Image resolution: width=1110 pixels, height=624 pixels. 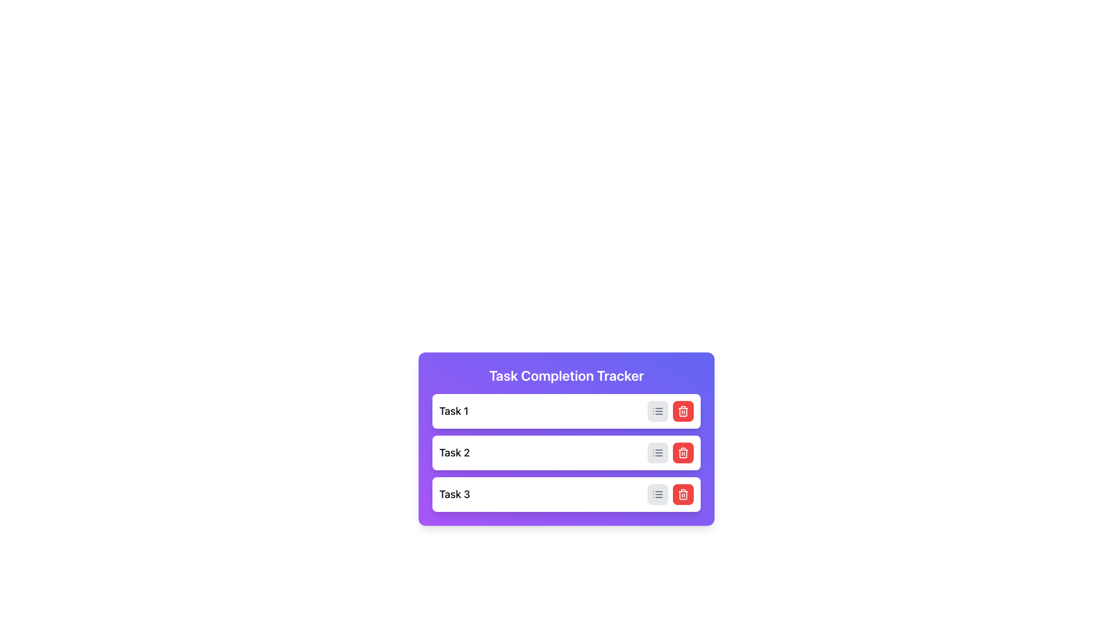 What do you see at coordinates (566, 452) in the screenshot?
I see `the second task item labeled 'Task 2' in the Task Completion Tracker` at bounding box center [566, 452].